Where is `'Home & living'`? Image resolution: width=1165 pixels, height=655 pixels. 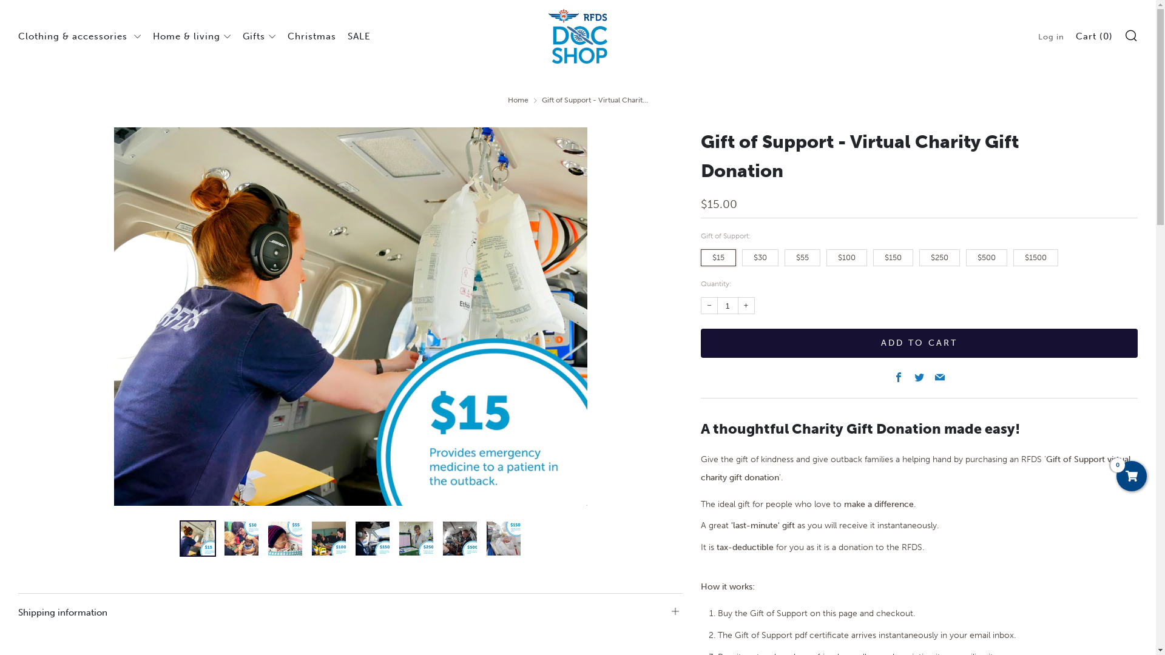 'Home & living' is located at coordinates (152, 36).